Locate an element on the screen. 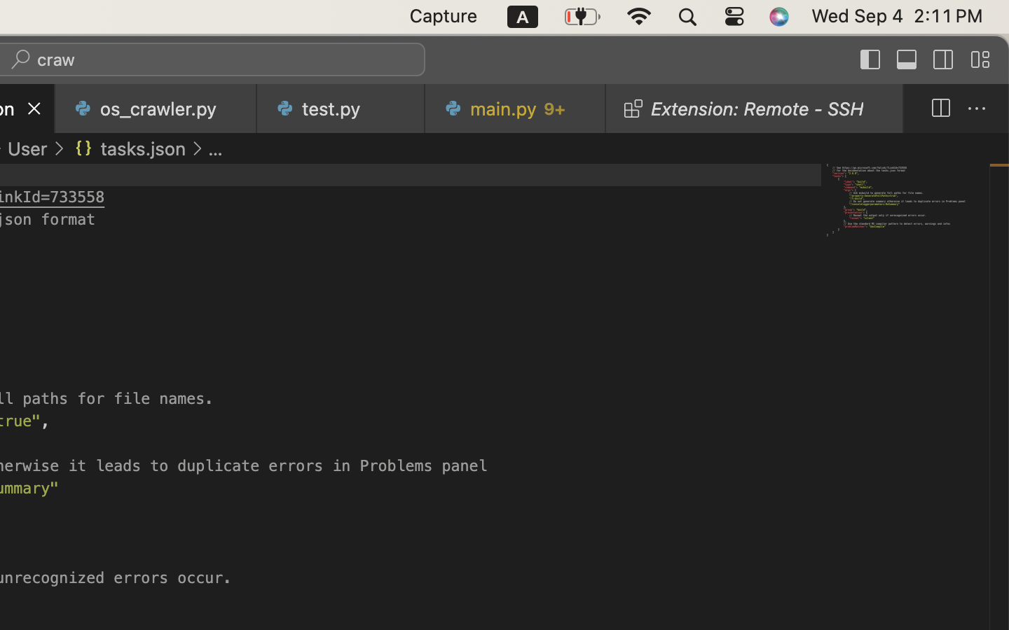 The image size is (1009, 630). '' is located at coordinates (870, 59).